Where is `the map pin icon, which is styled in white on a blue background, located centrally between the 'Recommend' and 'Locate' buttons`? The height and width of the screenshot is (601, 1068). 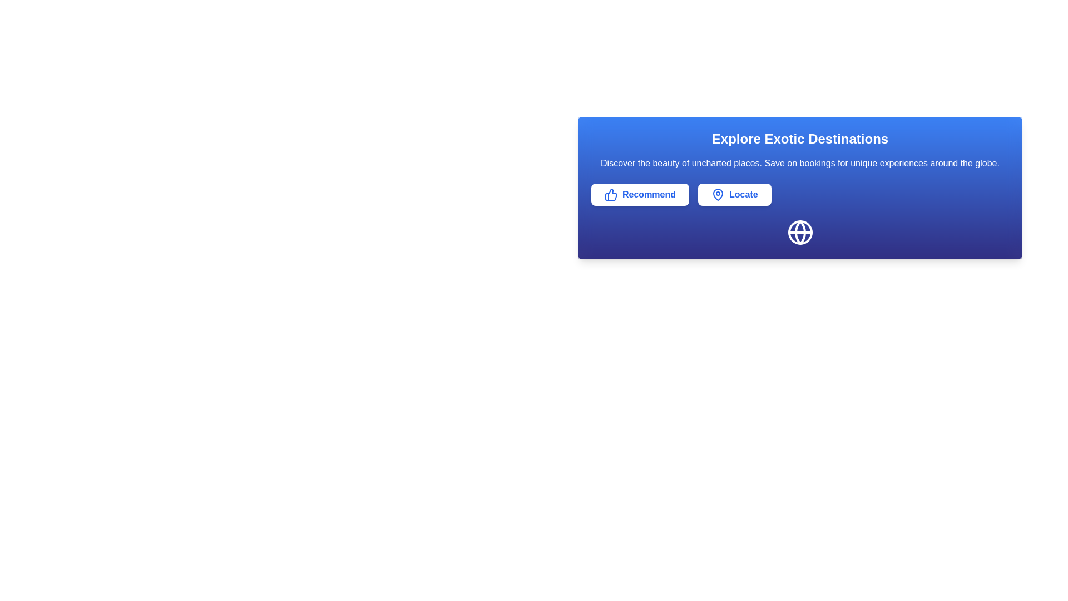 the map pin icon, which is styled in white on a blue background, located centrally between the 'Recommend' and 'Locate' buttons is located at coordinates (718, 194).